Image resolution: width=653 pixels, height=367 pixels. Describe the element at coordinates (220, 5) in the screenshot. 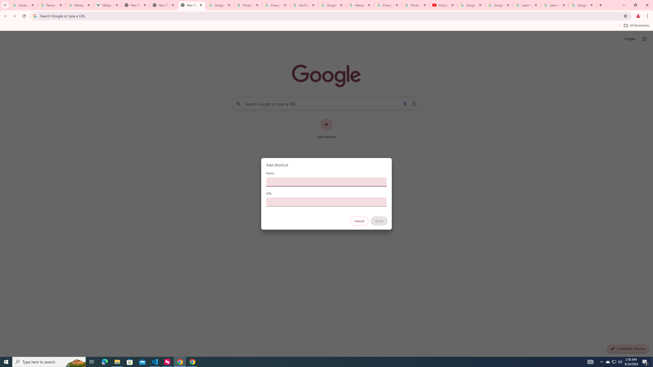

I see `'Google Drive: Sign-in'` at that location.